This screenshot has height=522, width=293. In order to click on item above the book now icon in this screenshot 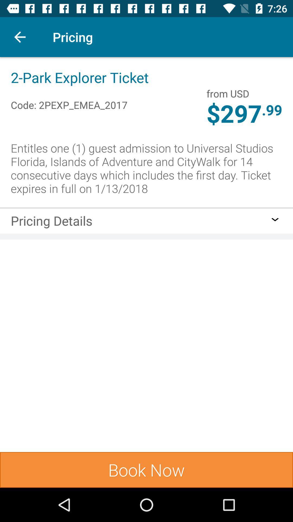, I will do `click(52, 222)`.